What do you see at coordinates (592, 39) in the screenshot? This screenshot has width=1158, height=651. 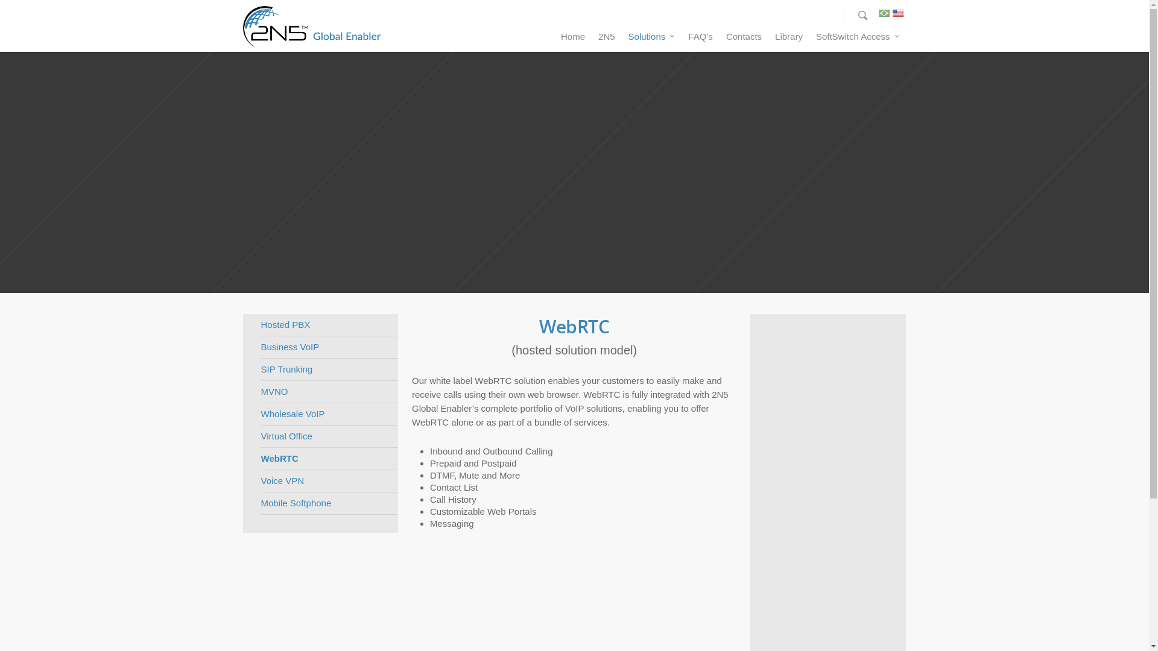 I see `'2N5'` at bounding box center [592, 39].